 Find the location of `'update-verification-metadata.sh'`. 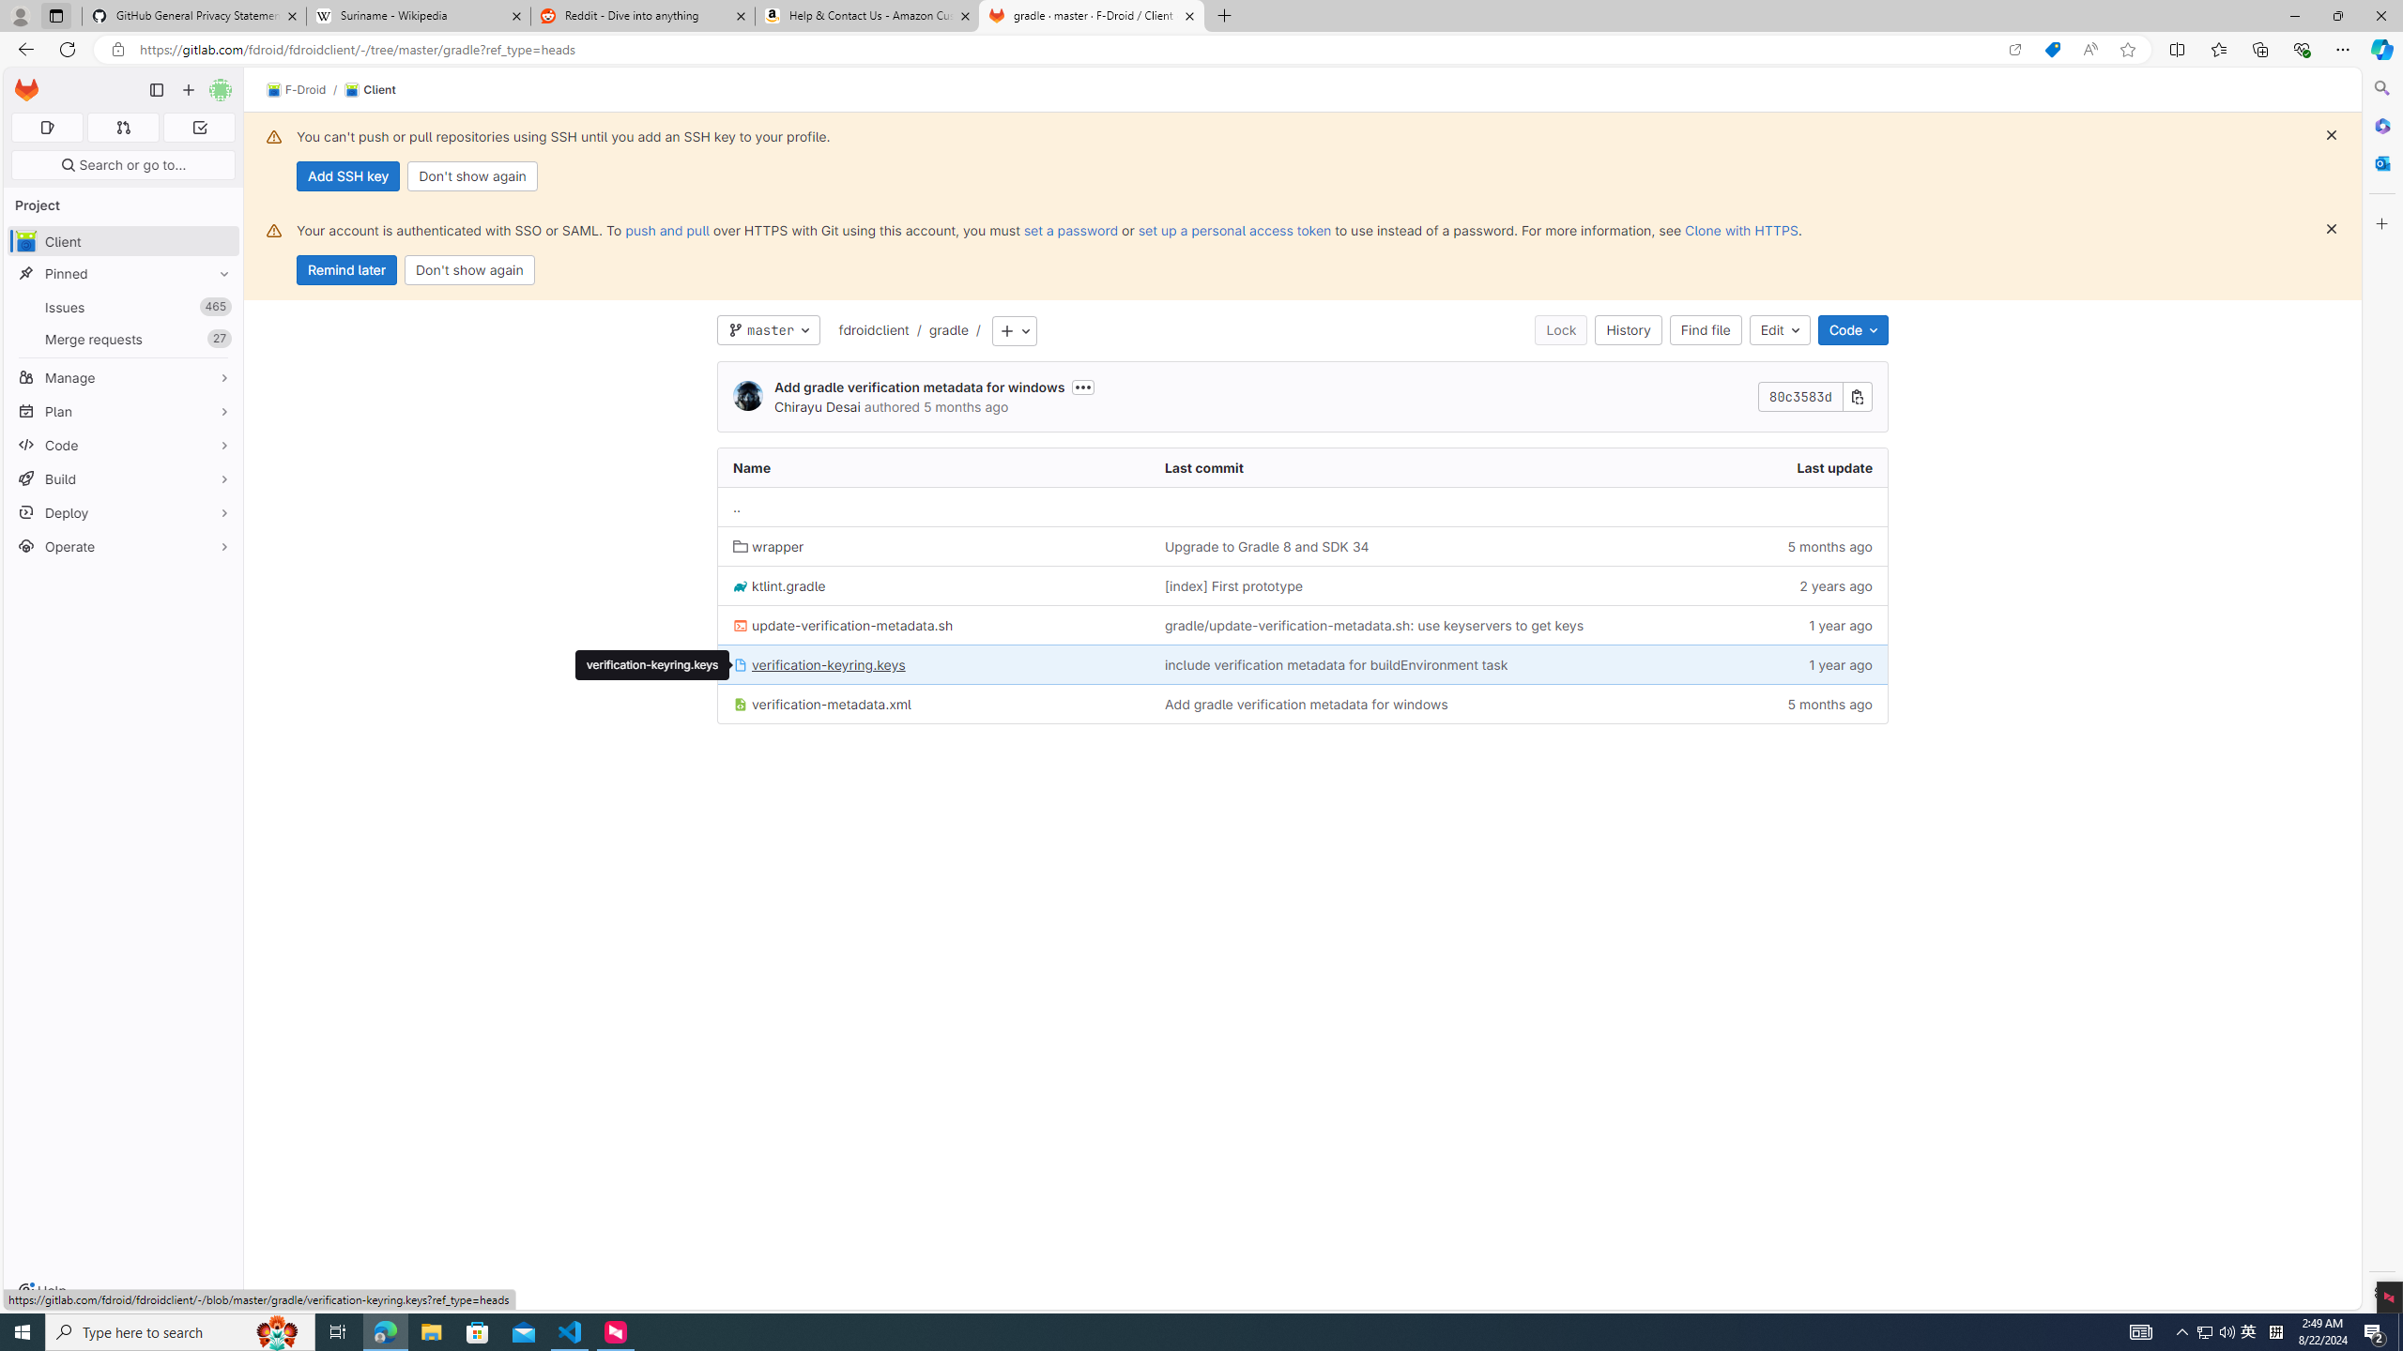

'update-verification-metadata.sh' is located at coordinates (842, 625).